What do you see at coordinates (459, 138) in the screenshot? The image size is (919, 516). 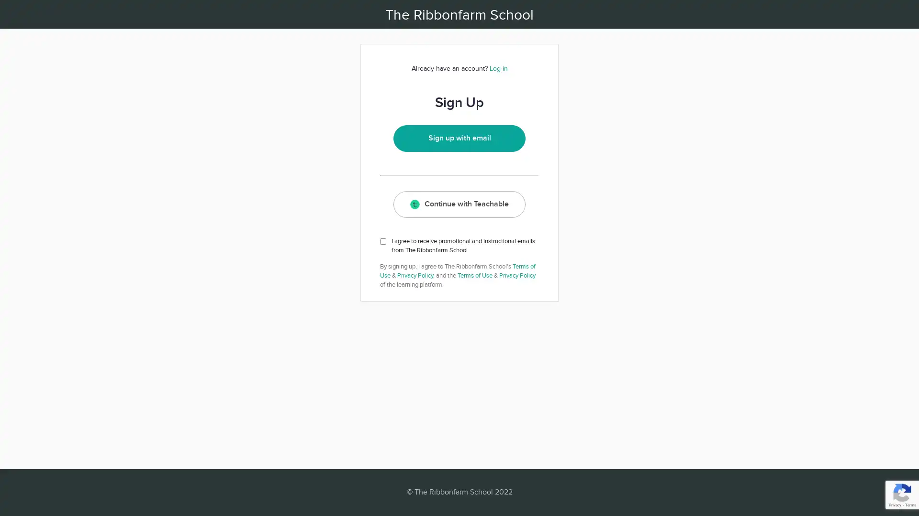 I see `Sign up with email` at bounding box center [459, 138].